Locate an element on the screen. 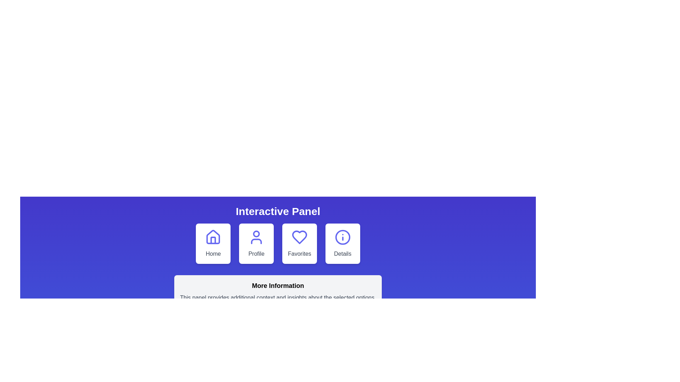 This screenshot has width=680, height=382. the 'Home' icon represented by a minimalistic house structure within the interactive panel is located at coordinates (213, 240).